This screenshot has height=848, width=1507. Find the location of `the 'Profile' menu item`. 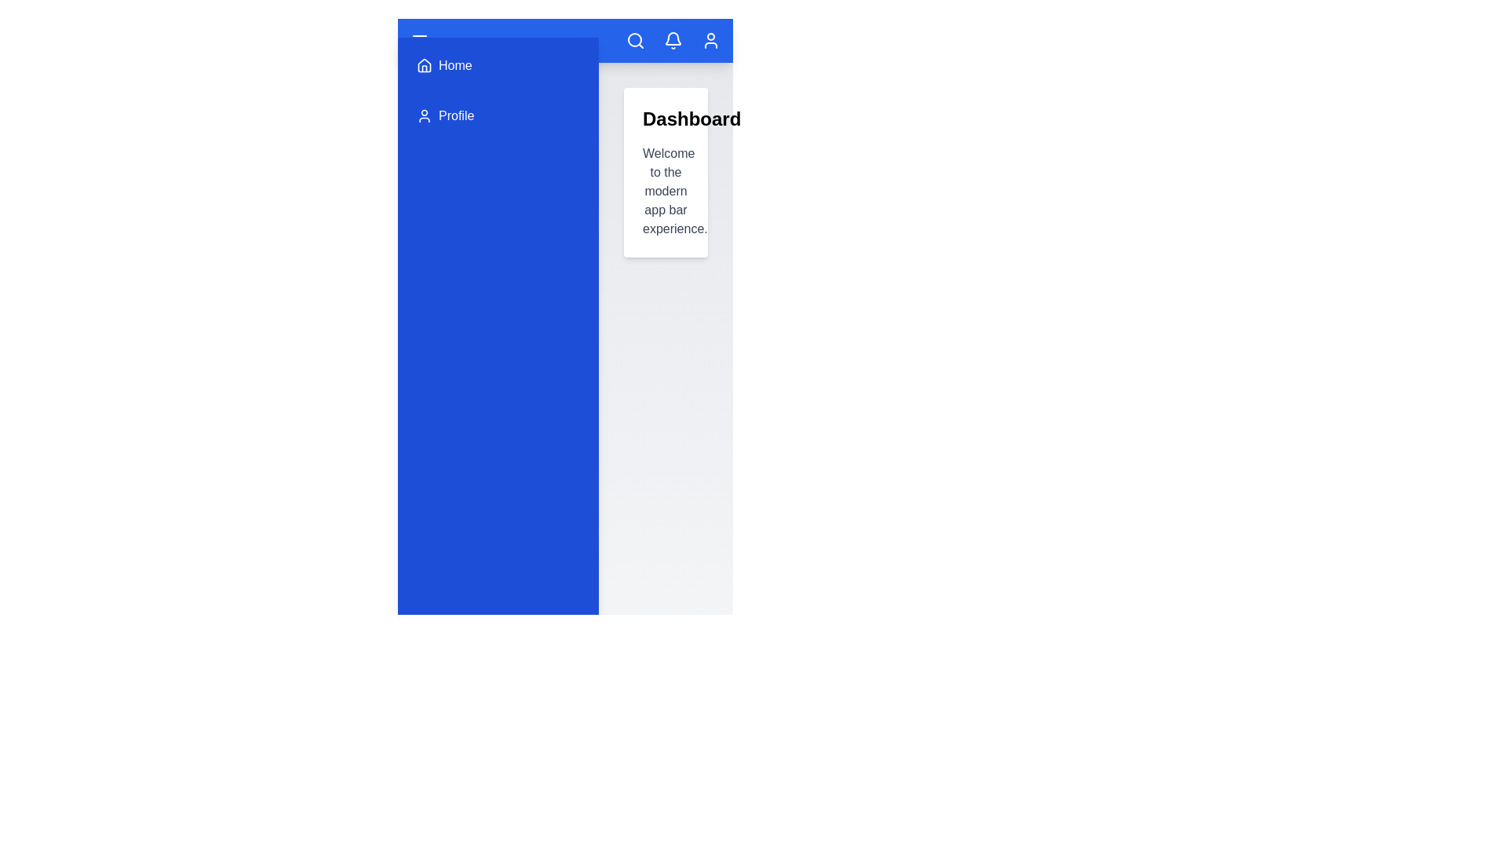

the 'Profile' menu item is located at coordinates (497, 115).